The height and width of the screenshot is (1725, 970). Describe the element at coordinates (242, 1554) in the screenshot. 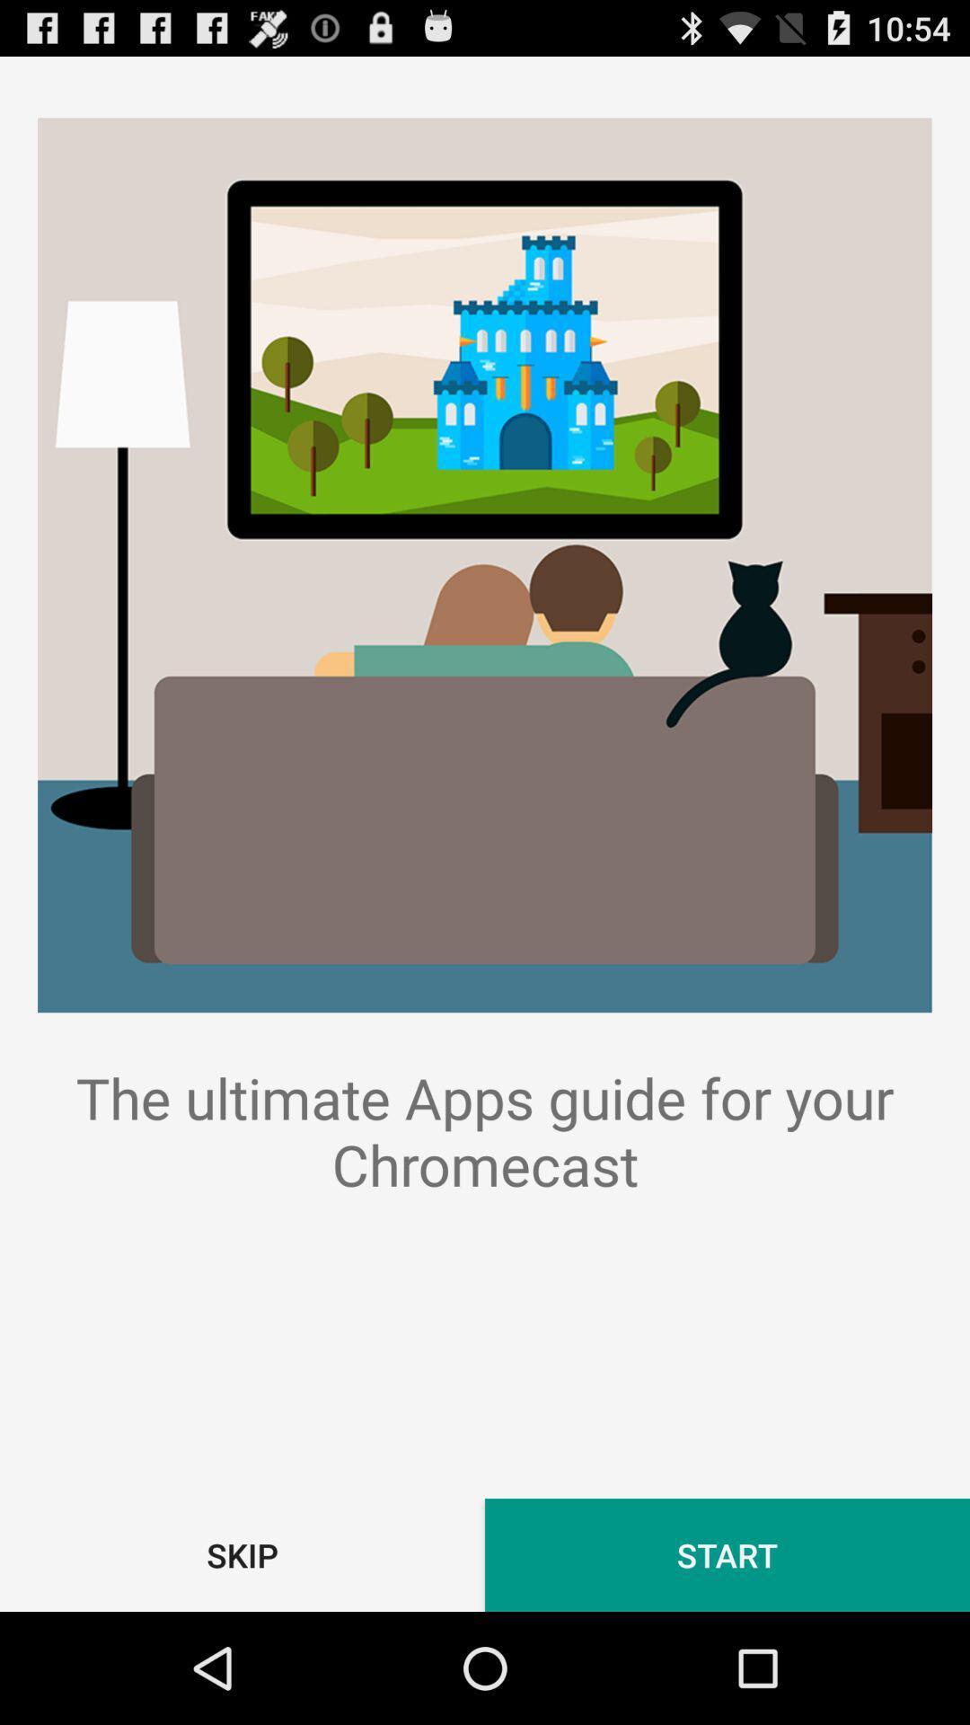

I see `skip icon` at that location.